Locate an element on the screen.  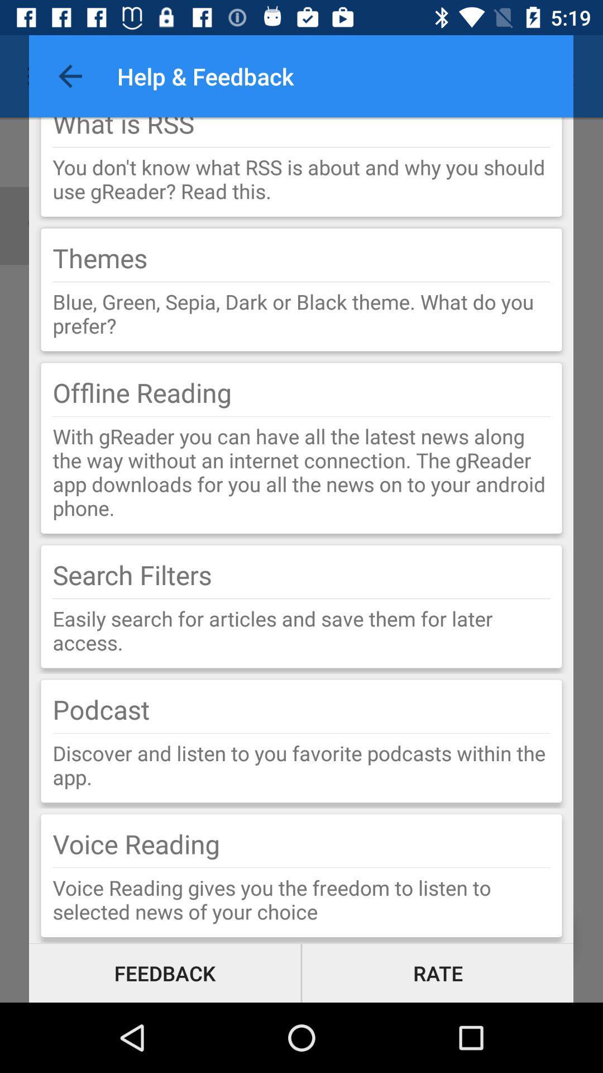
the item below voice reading item is located at coordinates (301, 867).